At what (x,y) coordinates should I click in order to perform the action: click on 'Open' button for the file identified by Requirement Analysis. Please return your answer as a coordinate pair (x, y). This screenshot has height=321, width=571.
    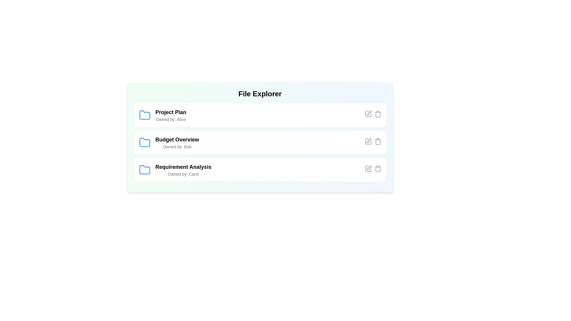
    Looking at the image, I should click on (350, 170).